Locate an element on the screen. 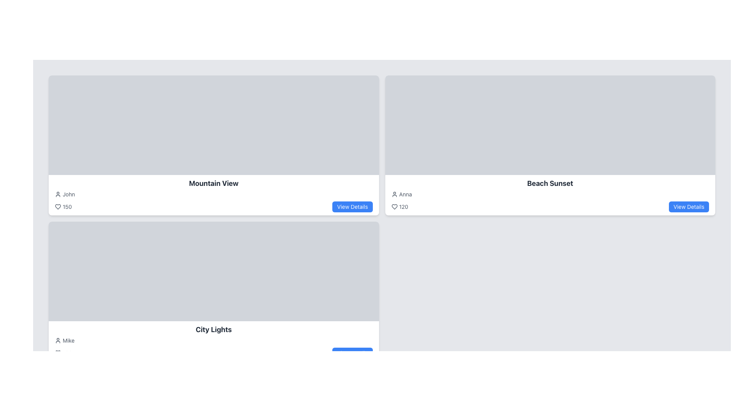 This screenshot has width=748, height=420. the user icon located to the left of the name 'Anna' in the upper-right quadrant of the grid layout is located at coordinates (394, 194).